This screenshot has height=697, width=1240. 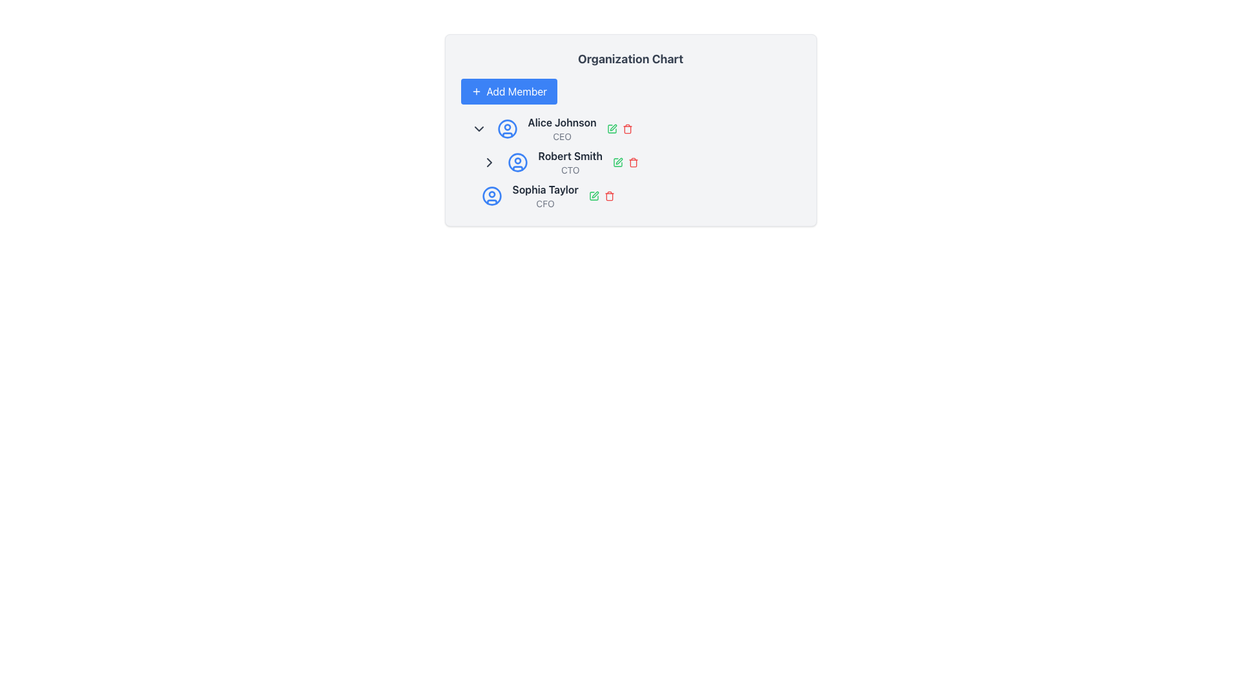 What do you see at coordinates (562, 129) in the screenshot?
I see `the Text Display element showing 'Alice Johnson' and 'CEO', which is centrally aligned and located under the 'Organization Chart' heading` at bounding box center [562, 129].